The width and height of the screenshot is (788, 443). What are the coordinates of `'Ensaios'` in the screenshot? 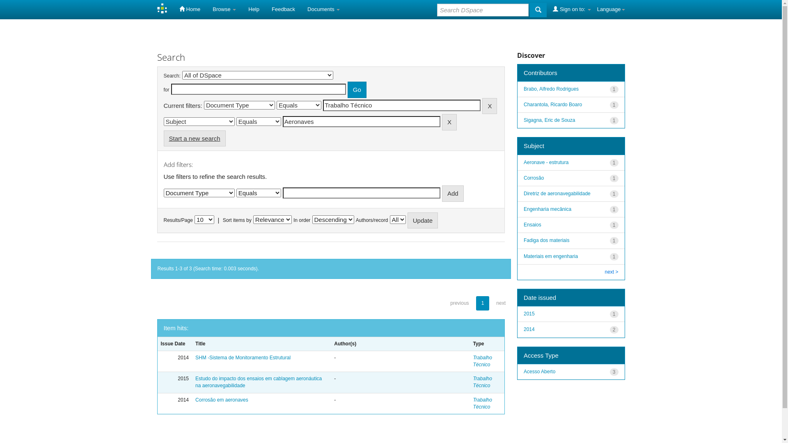 It's located at (532, 224).